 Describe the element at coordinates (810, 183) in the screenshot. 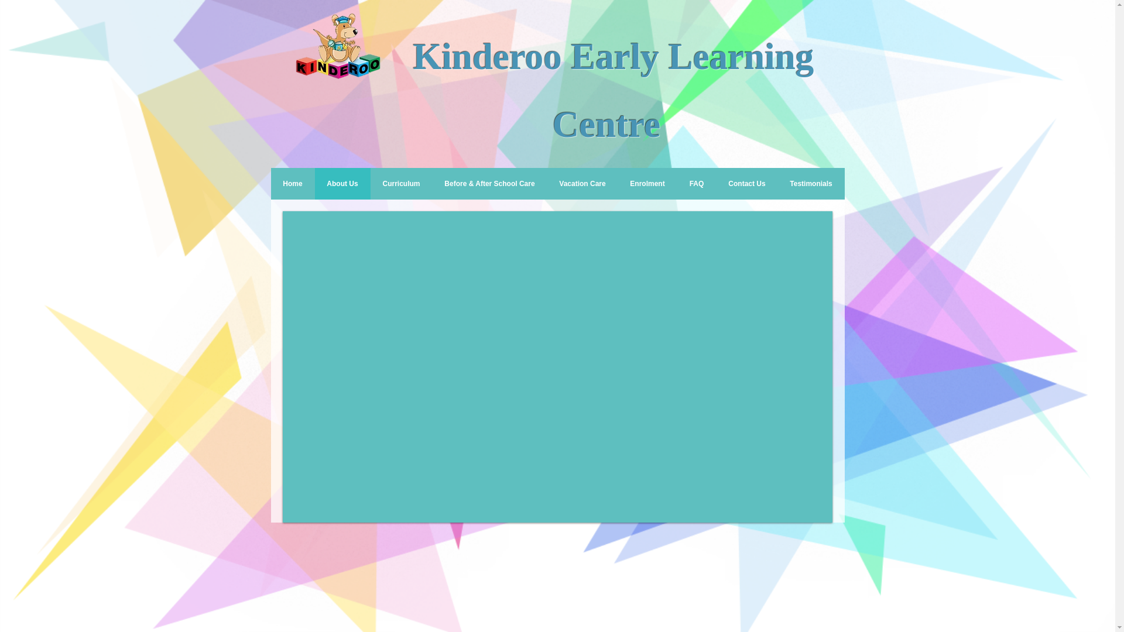

I see `'Testimonials'` at that location.